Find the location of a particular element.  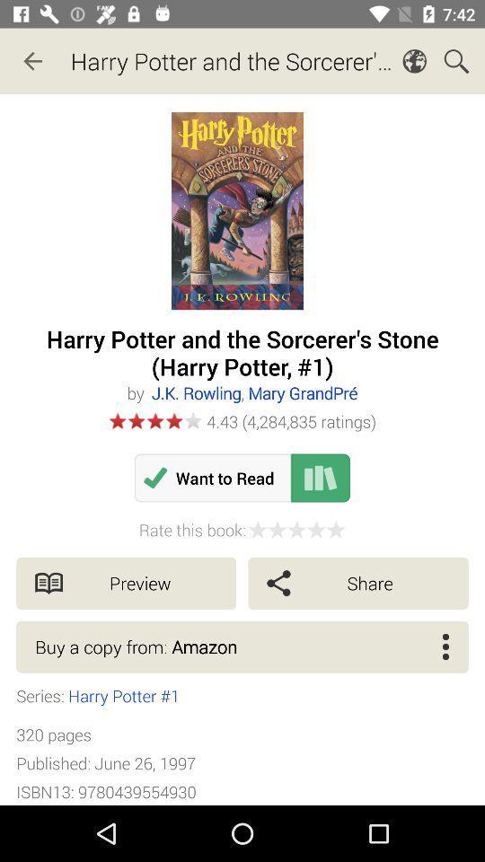

j k rowling is located at coordinates (253, 392).